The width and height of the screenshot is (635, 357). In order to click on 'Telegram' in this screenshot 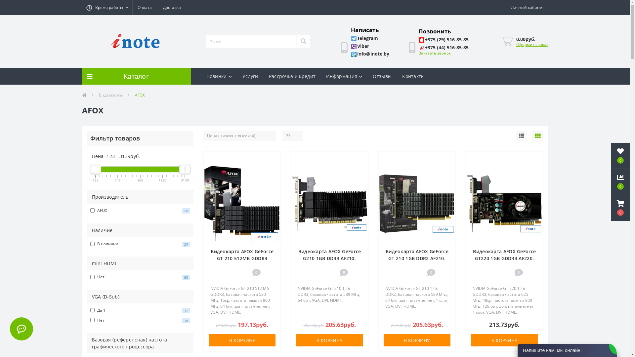, I will do `click(364, 38)`.